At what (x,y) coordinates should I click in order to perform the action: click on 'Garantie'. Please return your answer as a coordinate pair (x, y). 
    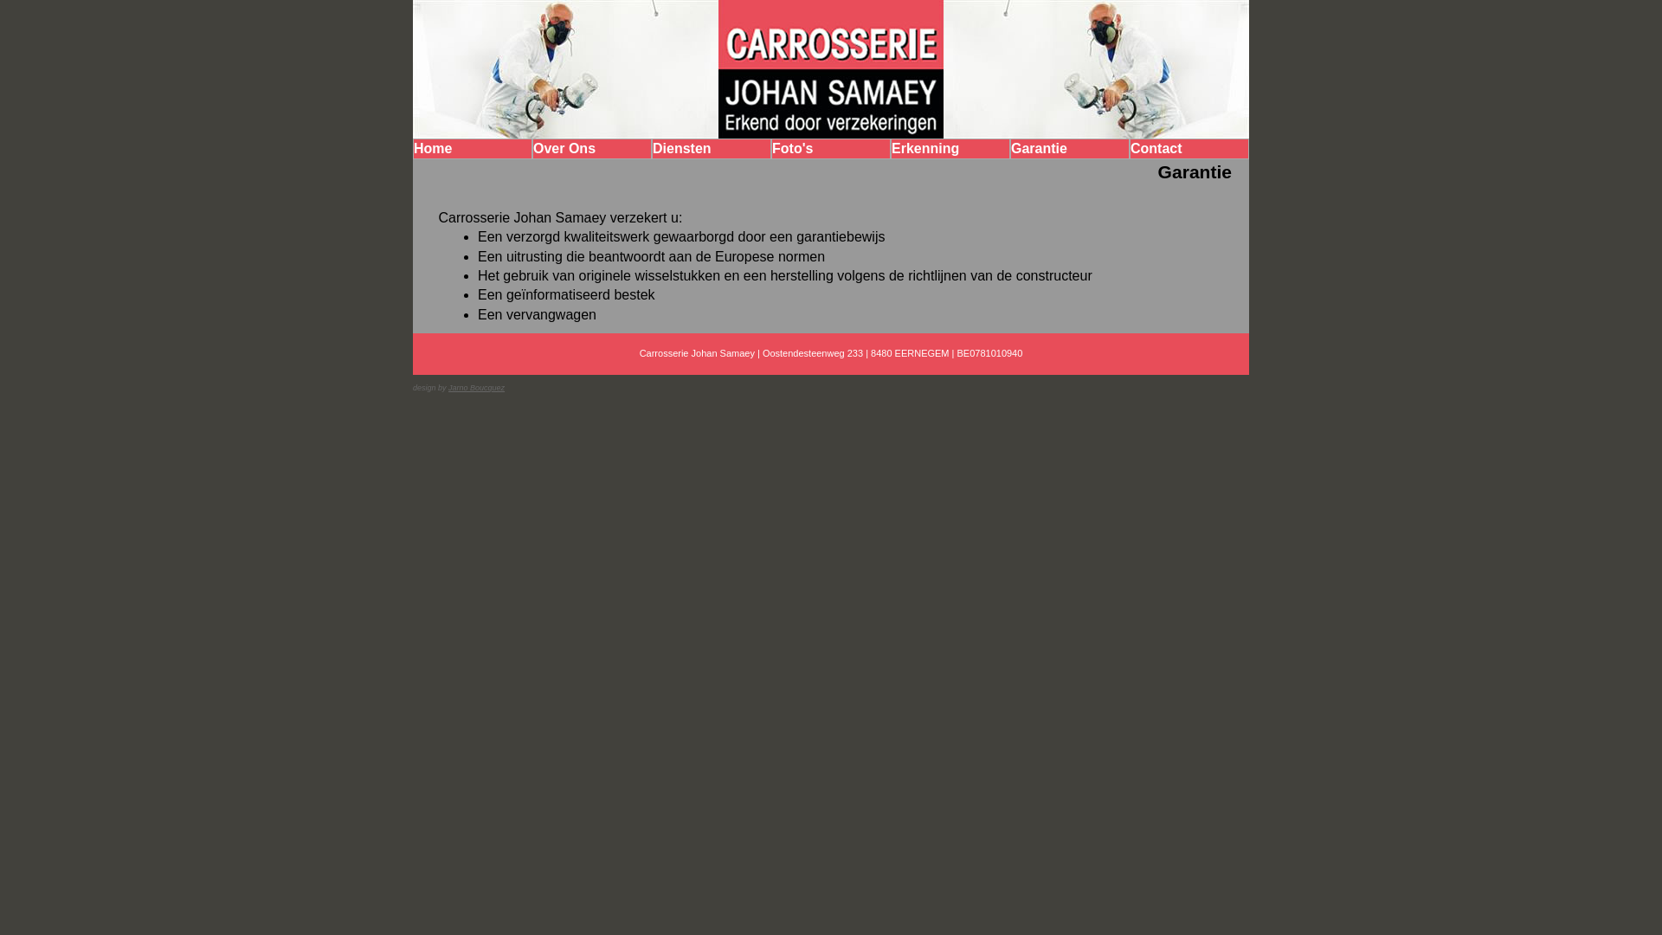
    Looking at the image, I should click on (1069, 148).